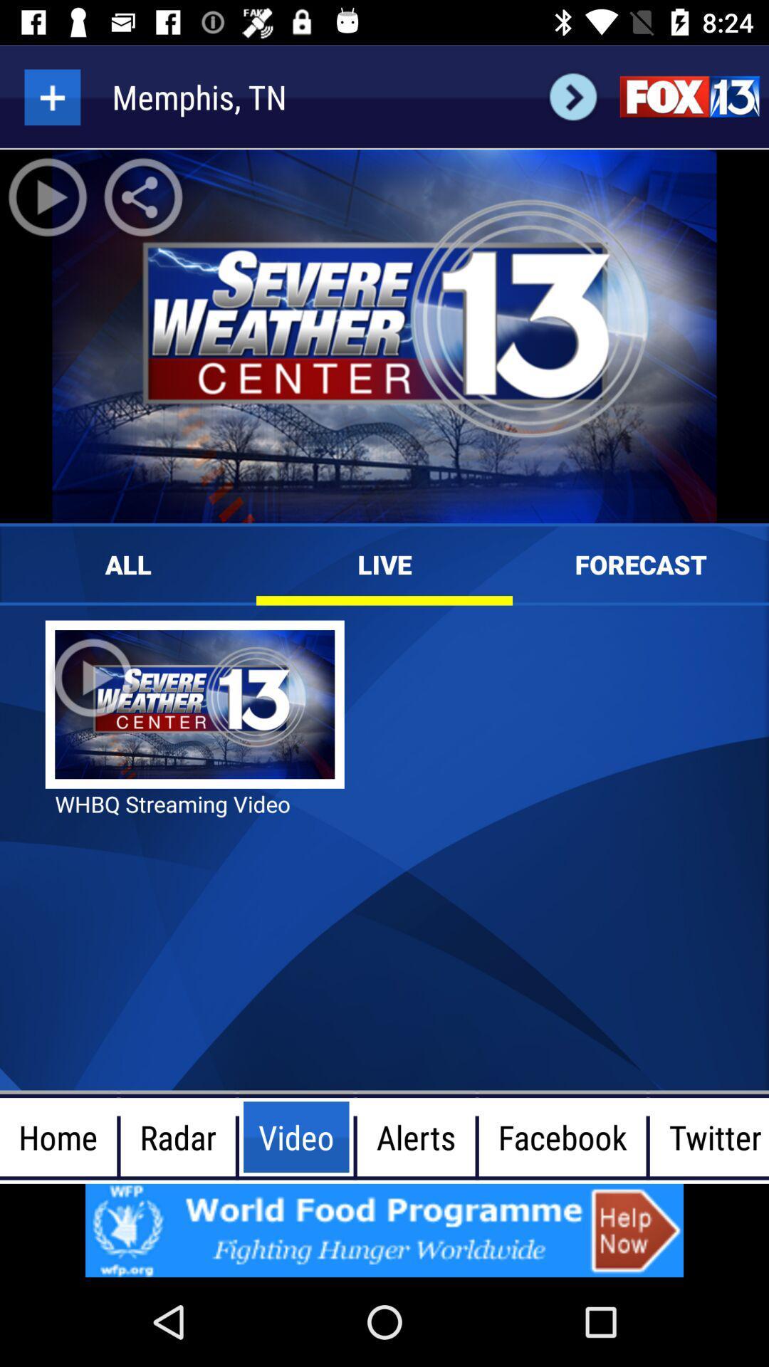  I want to click on go forward, so click(572, 96).